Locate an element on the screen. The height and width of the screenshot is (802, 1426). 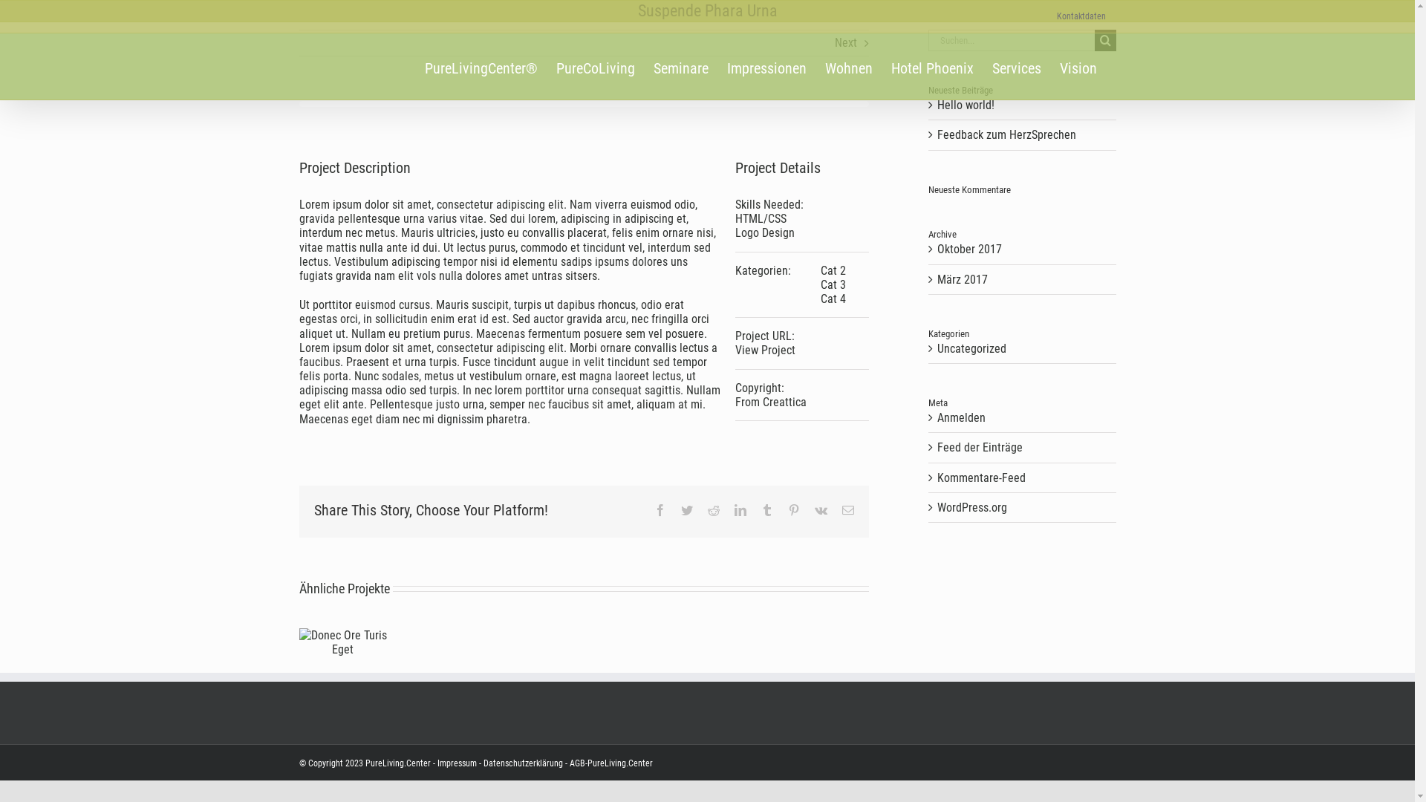
'AGB-PureLiving.Center' is located at coordinates (566, 763).